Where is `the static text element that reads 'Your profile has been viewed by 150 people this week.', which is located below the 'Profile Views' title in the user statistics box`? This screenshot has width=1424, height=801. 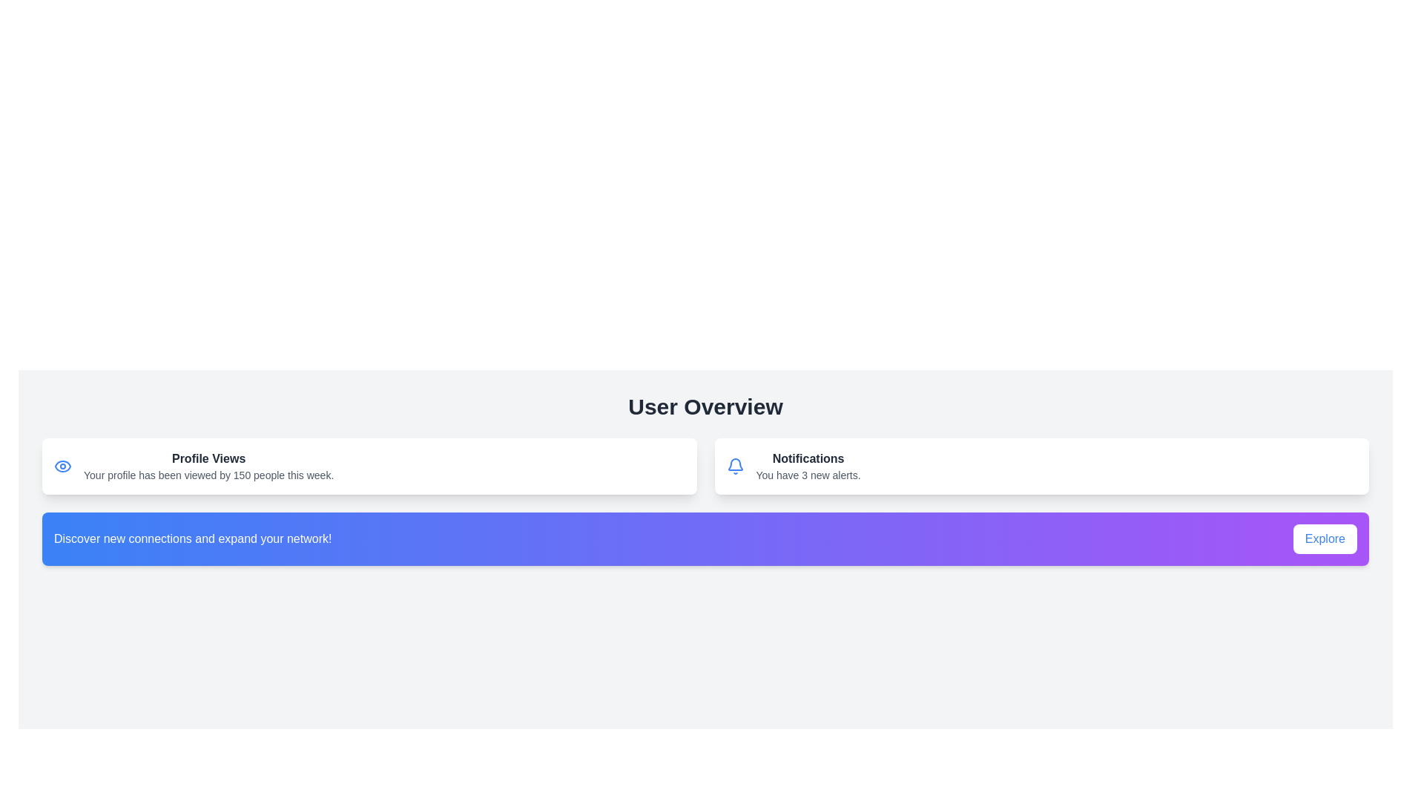 the static text element that reads 'Your profile has been viewed by 150 people this week.', which is located below the 'Profile Views' title in the user statistics box is located at coordinates (208, 475).